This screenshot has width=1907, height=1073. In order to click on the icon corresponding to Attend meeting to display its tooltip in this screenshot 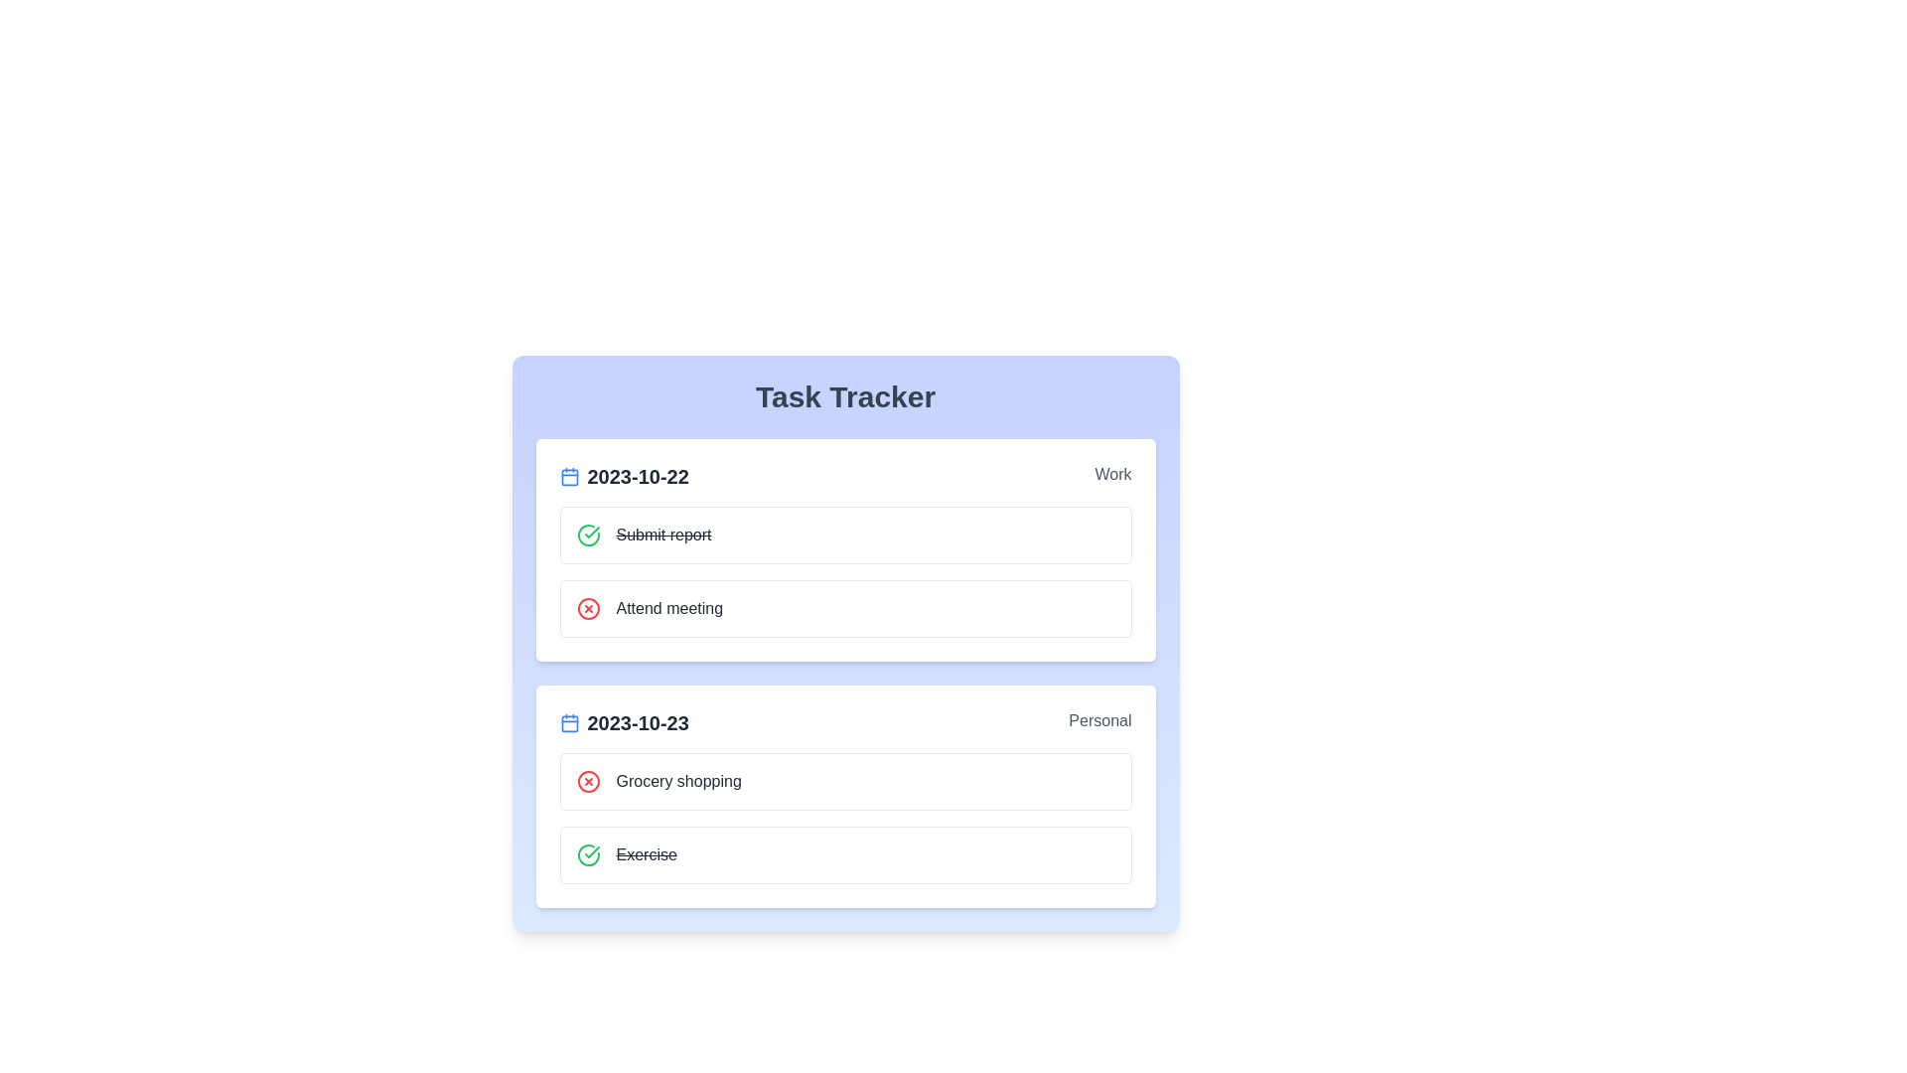, I will do `click(587, 608)`.